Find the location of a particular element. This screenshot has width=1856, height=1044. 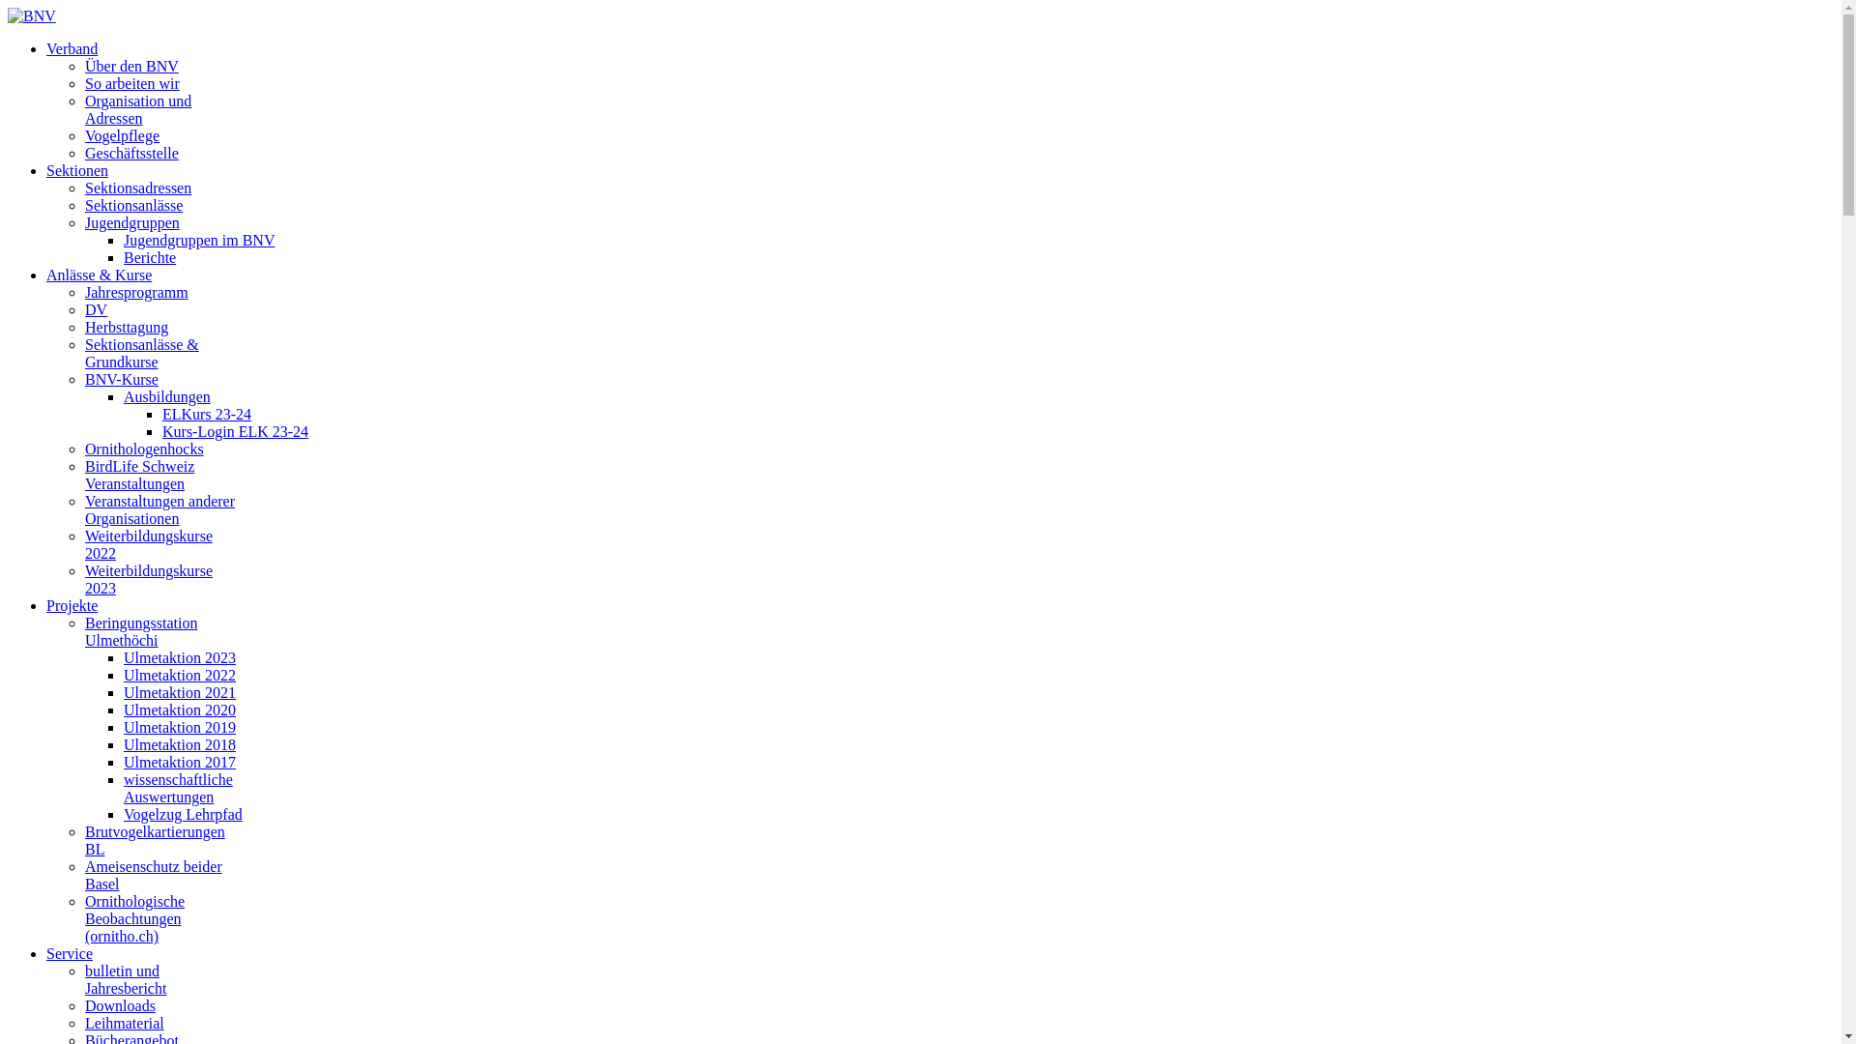

'Ulmetaktion 2020' is located at coordinates (180, 710).